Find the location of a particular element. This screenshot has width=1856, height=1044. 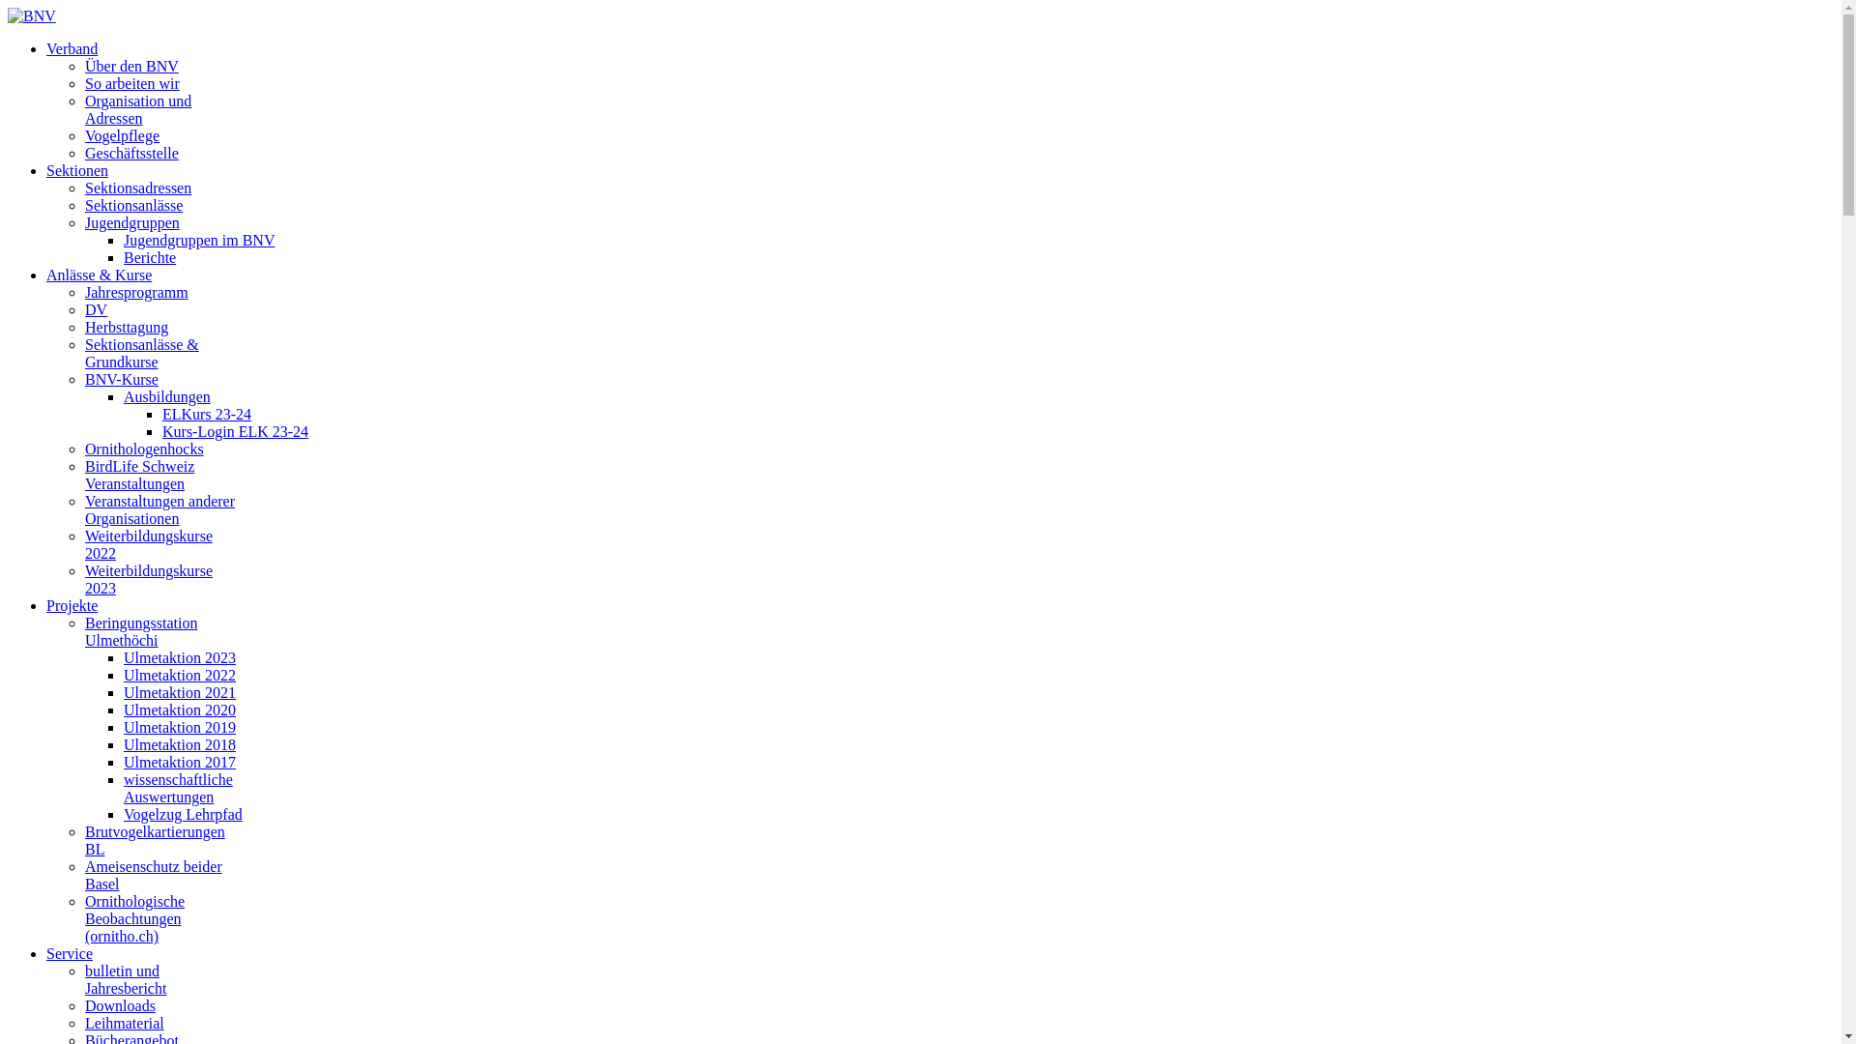

'Ulmetaktion 2020' is located at coordinates (180, 710).